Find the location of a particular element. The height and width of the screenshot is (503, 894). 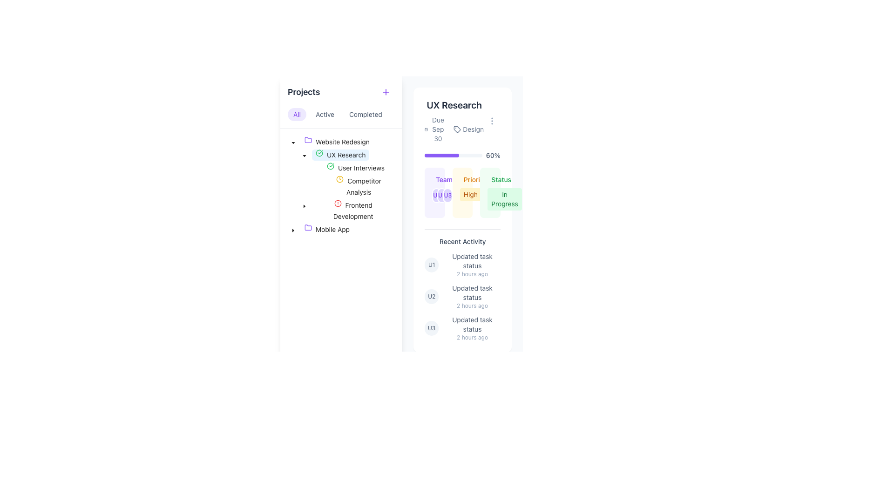

the 'Design' label with an accompanying tag icon located in the 'UX Research' section, positioned below 'Due Sep 30' is located at coordinates (468, 129).